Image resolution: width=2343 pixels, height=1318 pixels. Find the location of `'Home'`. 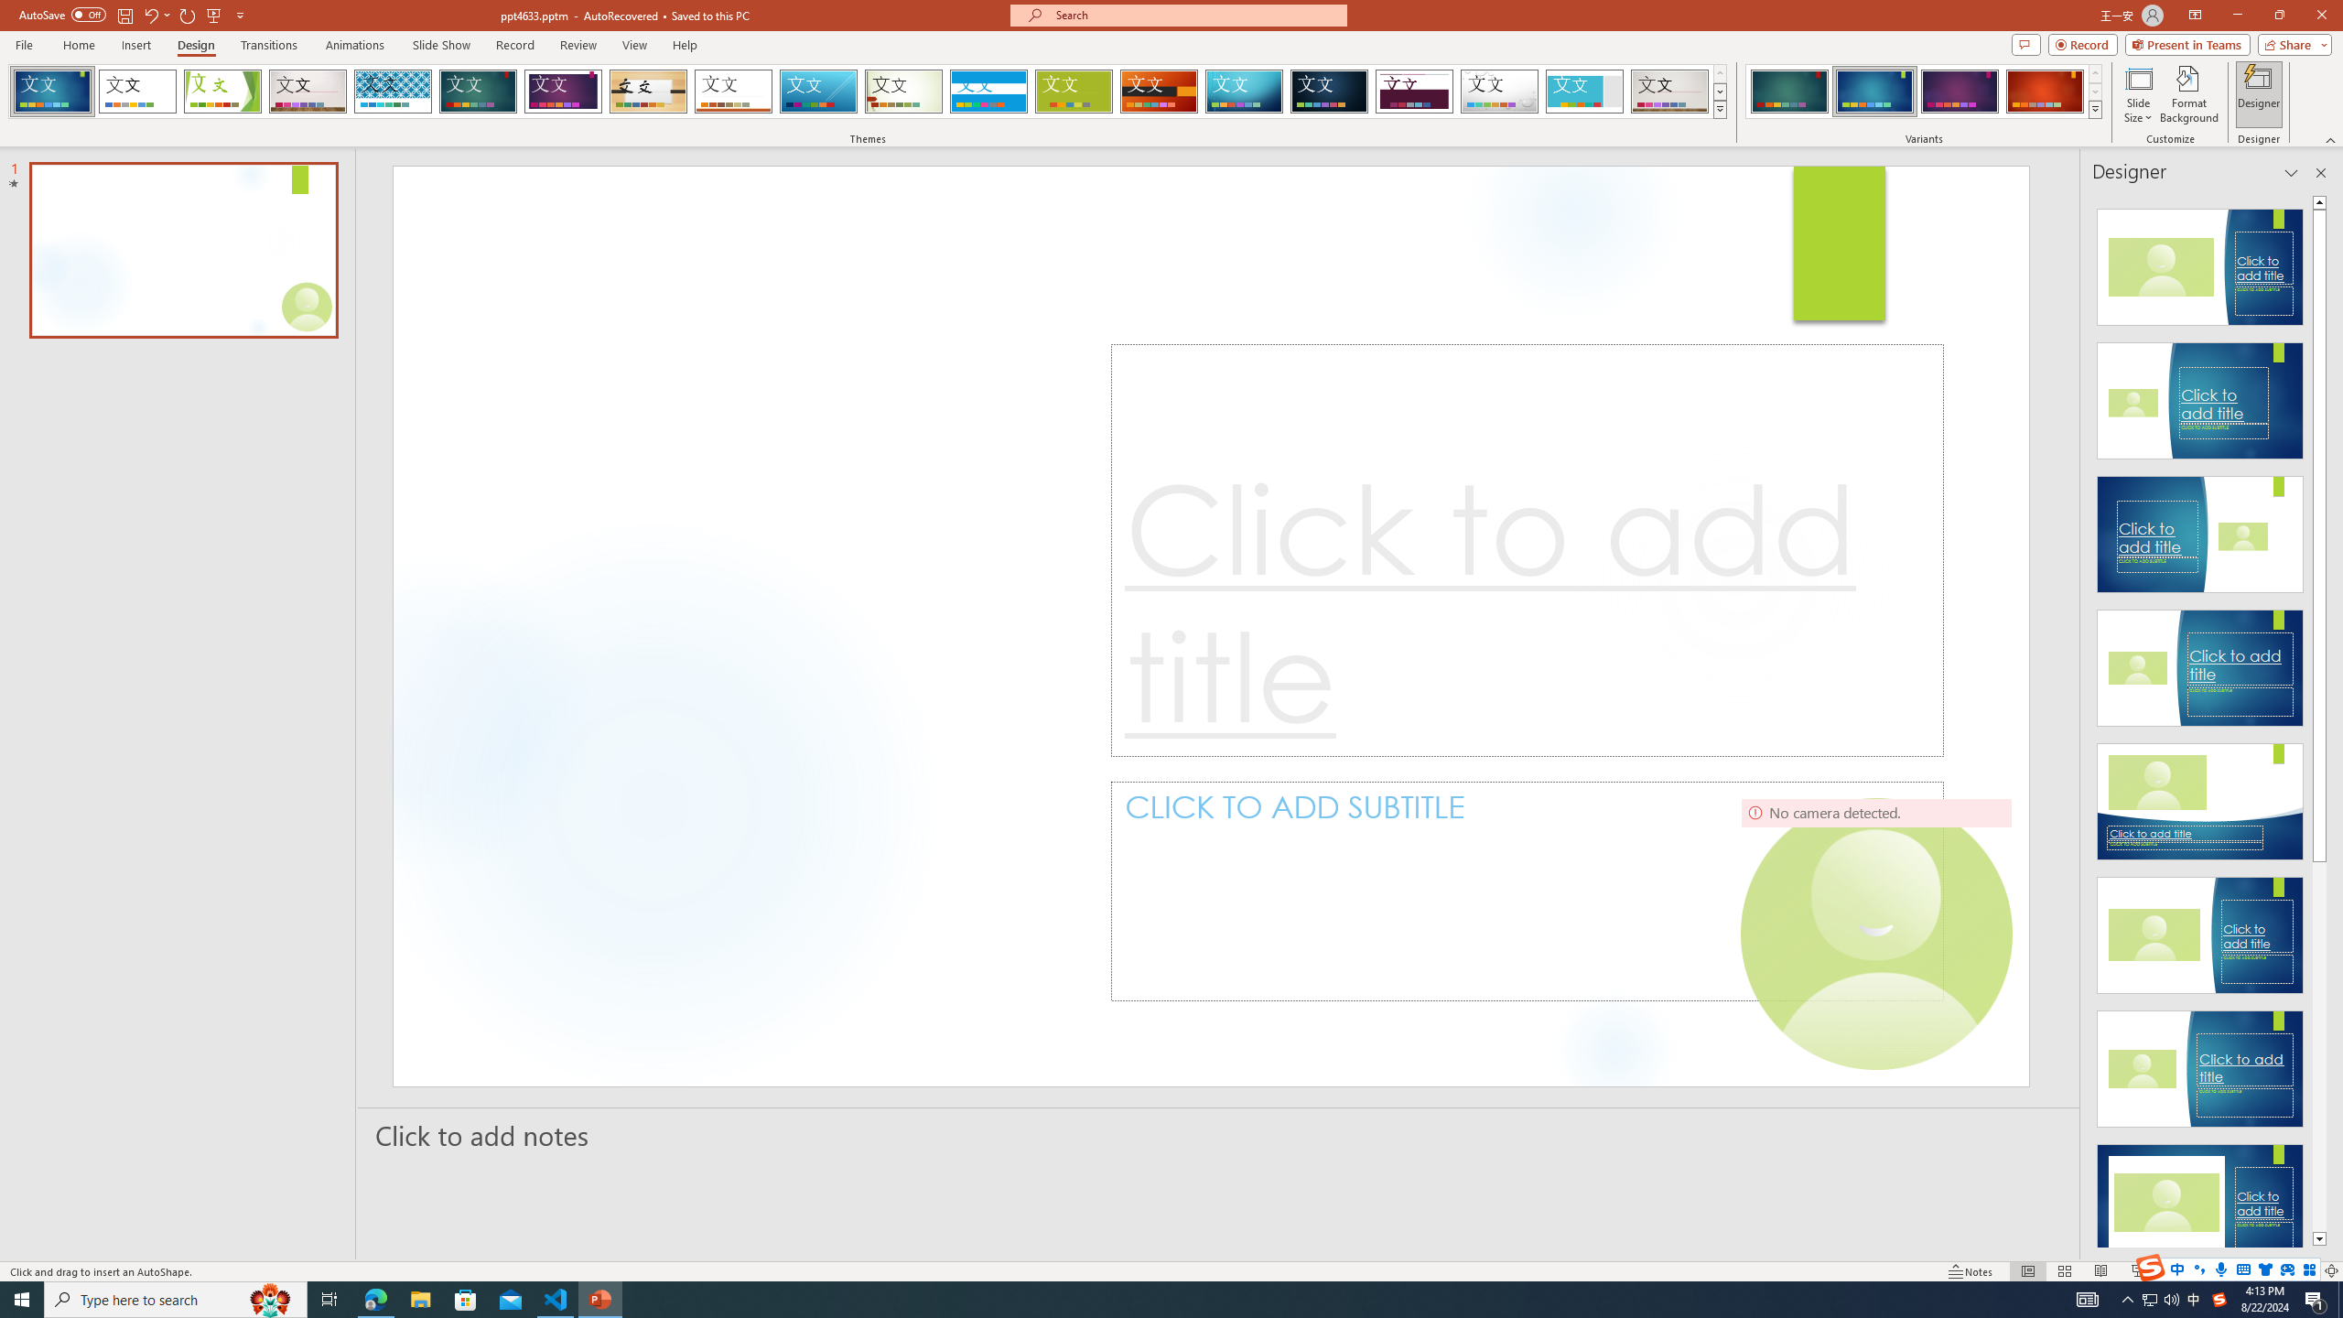

'Home' is located at coordinates (78, 45).